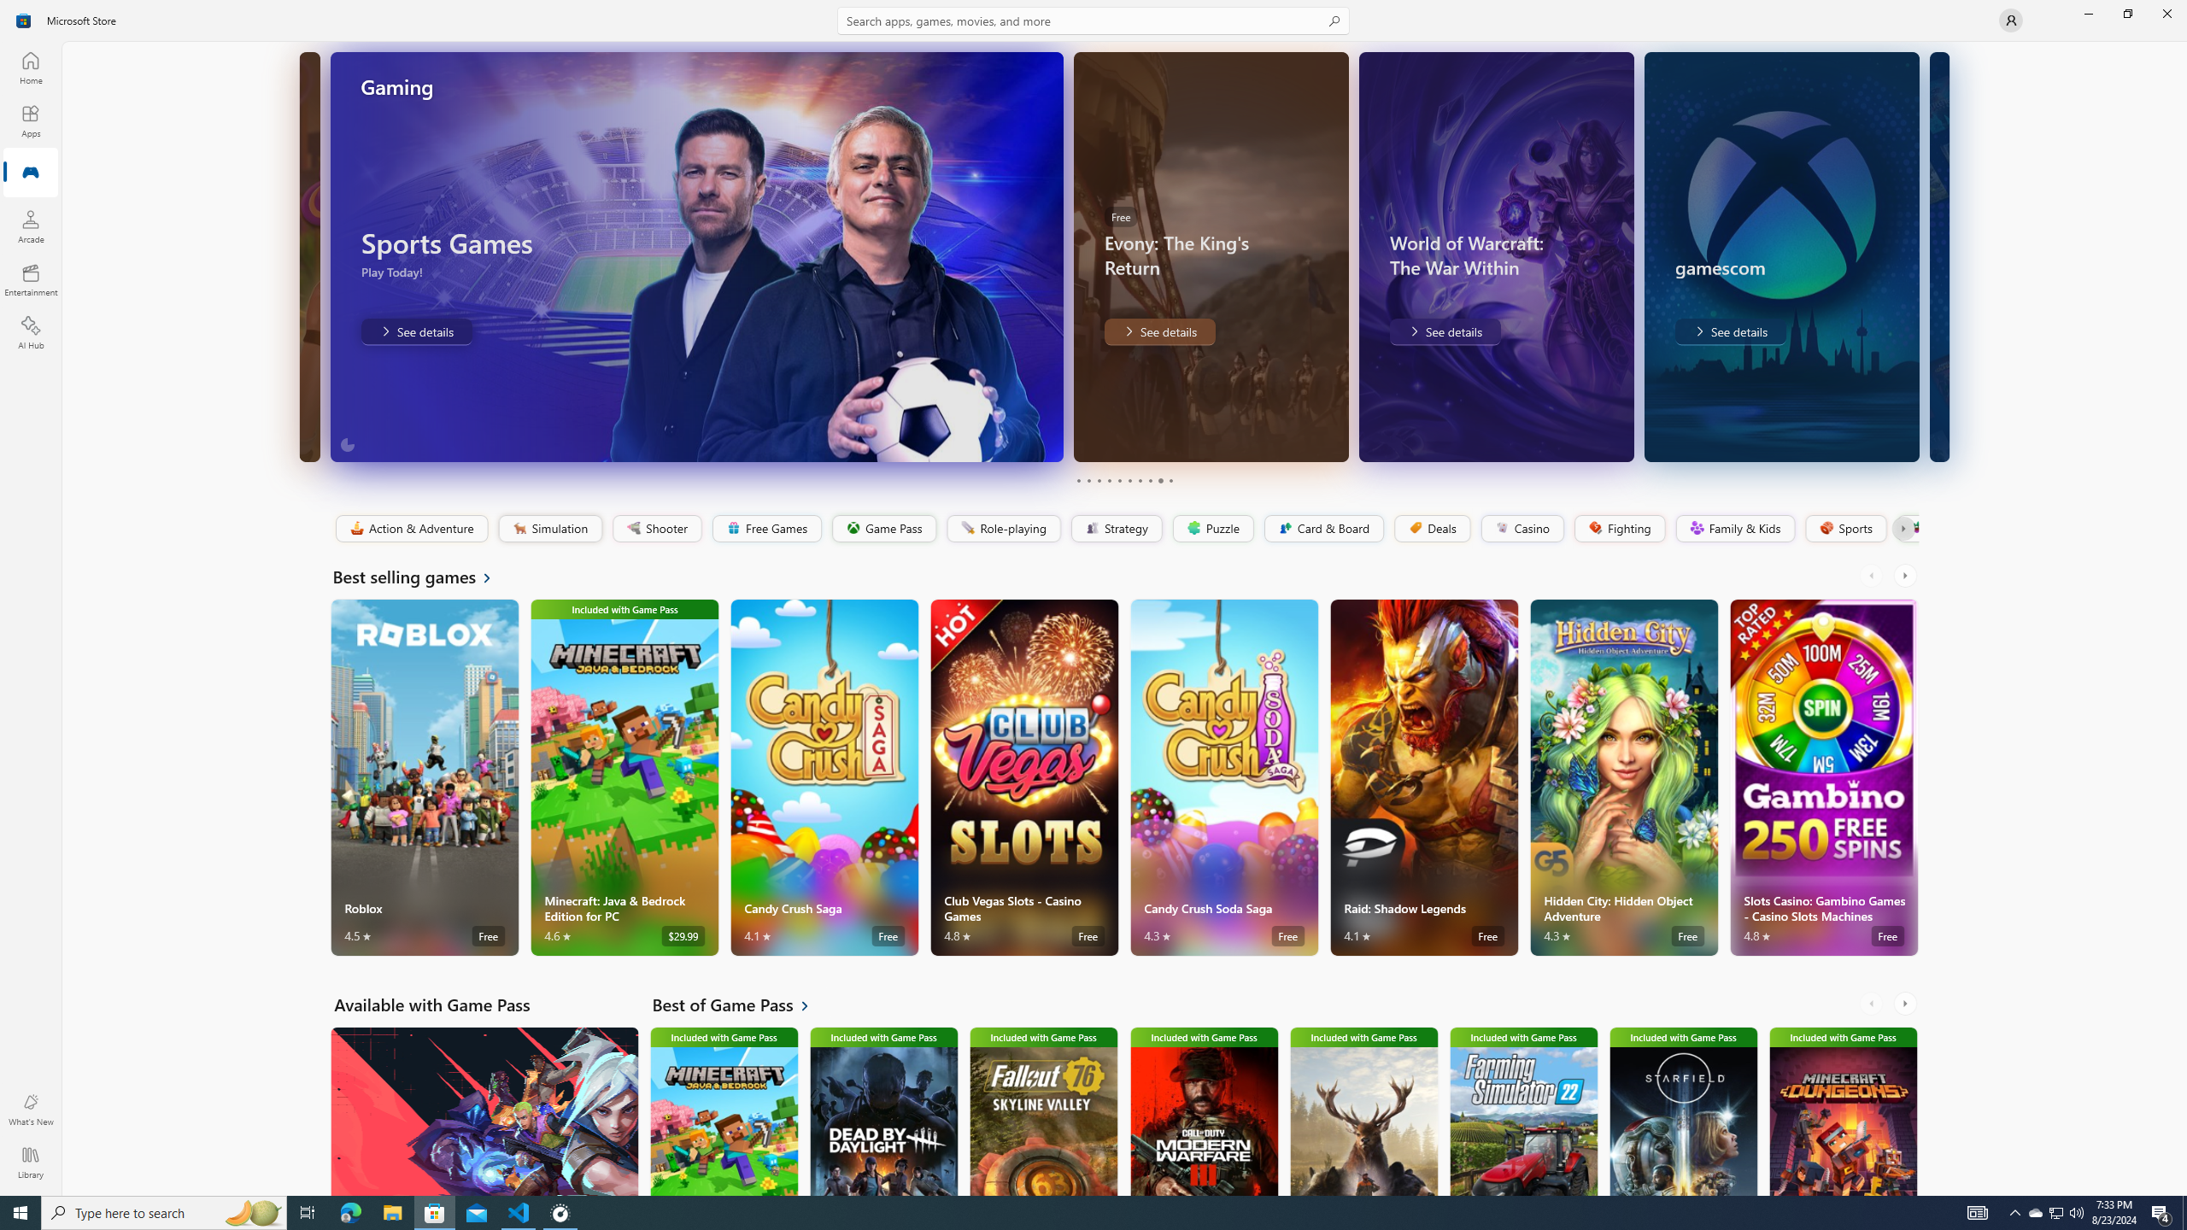 This screenshot has width=2187, height=1230. I want to click on 'Page 7', so click(1138, 480).